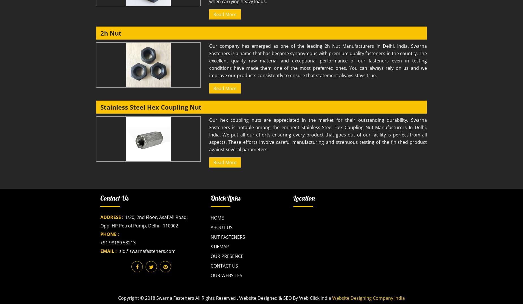 Image resolution: width=523 pixels, height=304 pixels. I want to click on 'Stiemap', so click(220, 246).